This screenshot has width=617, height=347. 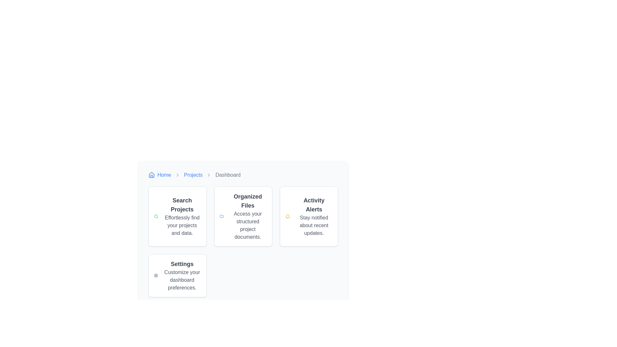 I want to click on the informational card describing 'Activity Alerts' located in the top right corner of the grid layout, so click(x=309, y=217).